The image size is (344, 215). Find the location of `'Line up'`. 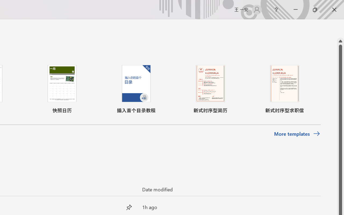

'Line up' is located at coordinates (340, 41).